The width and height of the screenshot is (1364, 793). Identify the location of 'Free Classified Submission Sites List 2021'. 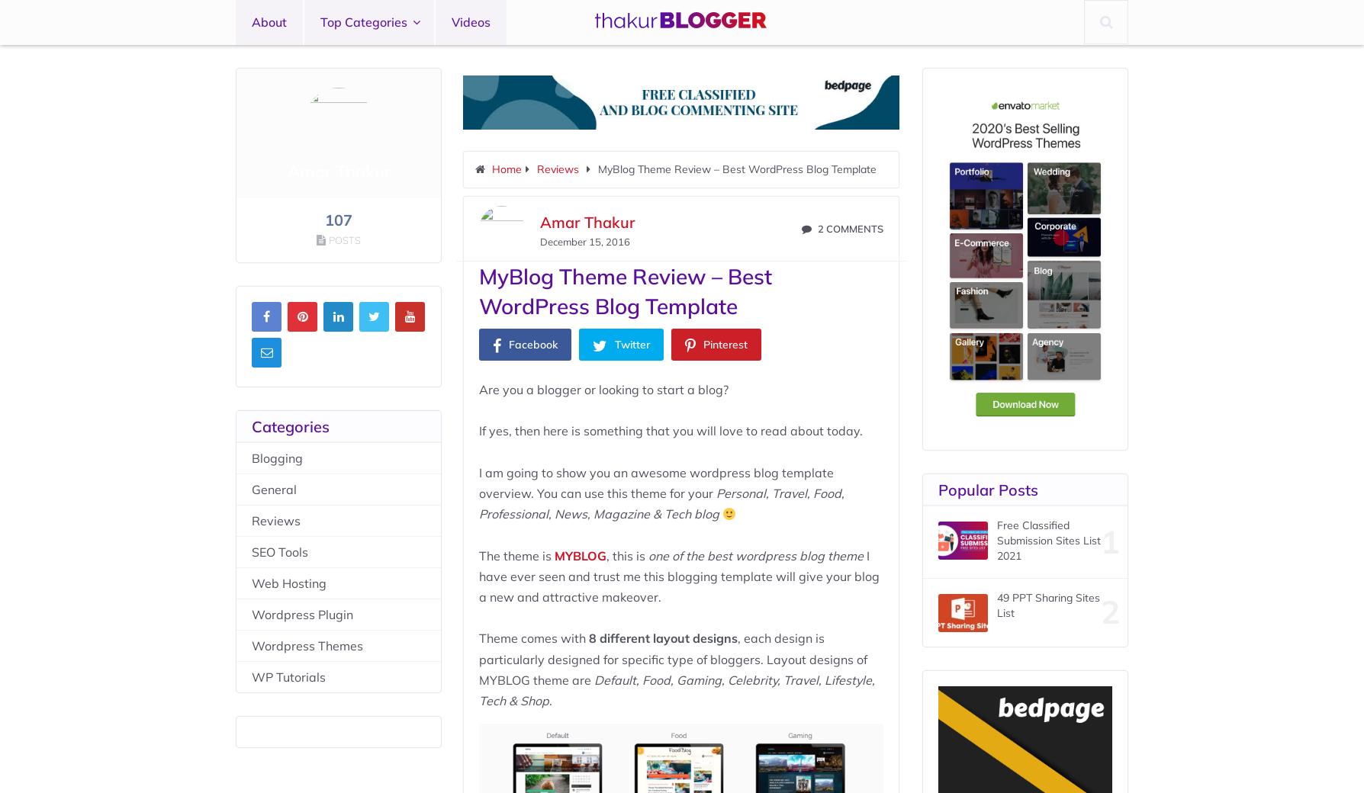
(1048, 540).